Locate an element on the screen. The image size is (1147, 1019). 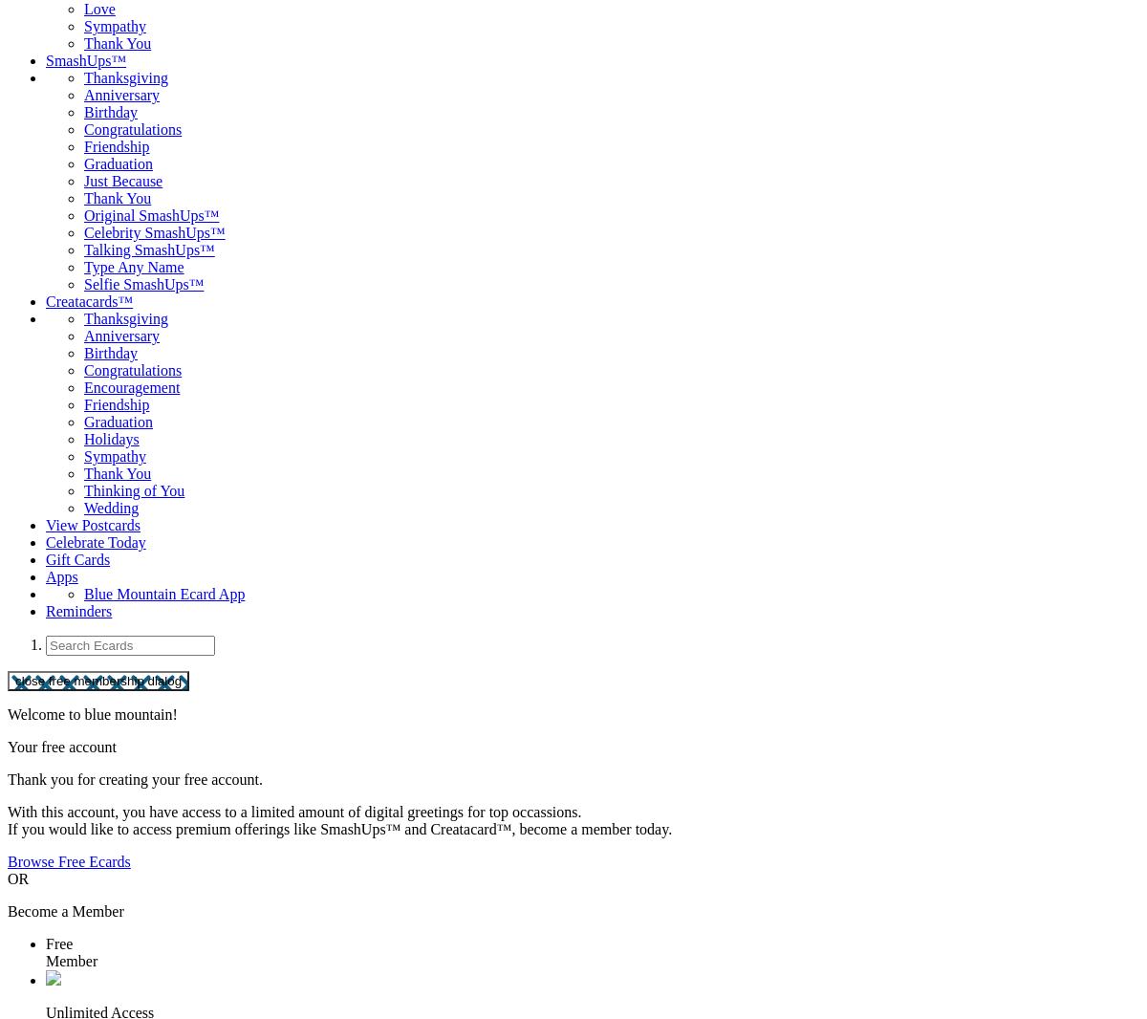
'SmashUps™' is located at coordinates (86, 59).